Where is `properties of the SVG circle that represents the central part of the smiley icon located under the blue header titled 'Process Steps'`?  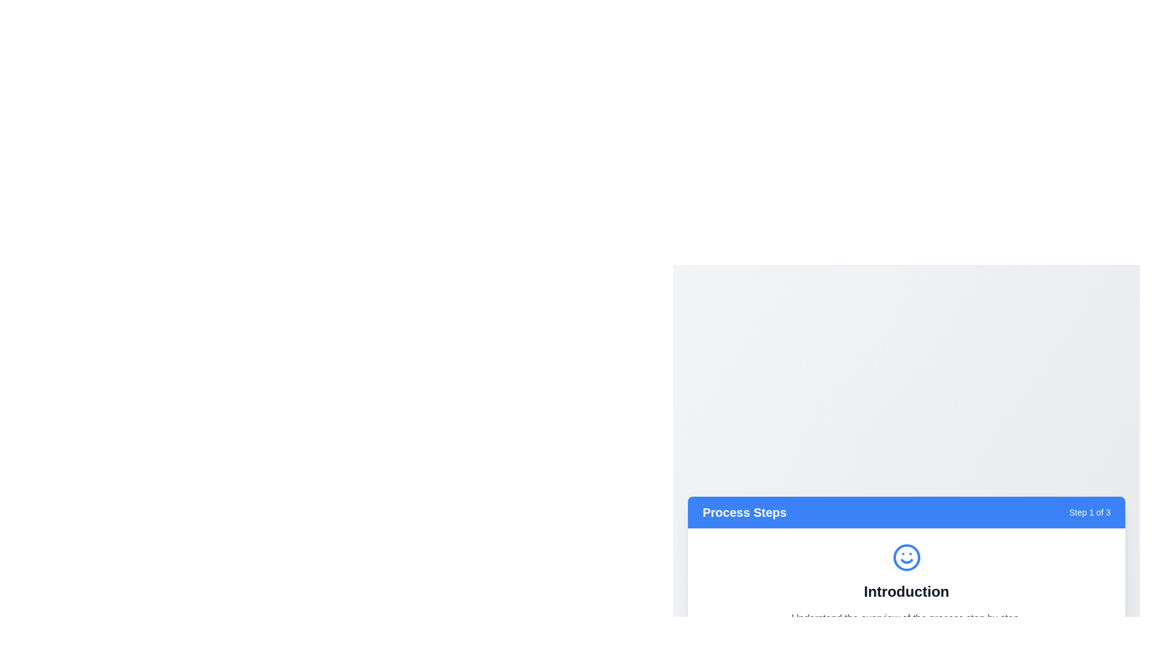 properties of the SVG circle that represents the central part of the smiley icon located under the blue header titled 'Process Steps' is located at coordinates (906, 557).